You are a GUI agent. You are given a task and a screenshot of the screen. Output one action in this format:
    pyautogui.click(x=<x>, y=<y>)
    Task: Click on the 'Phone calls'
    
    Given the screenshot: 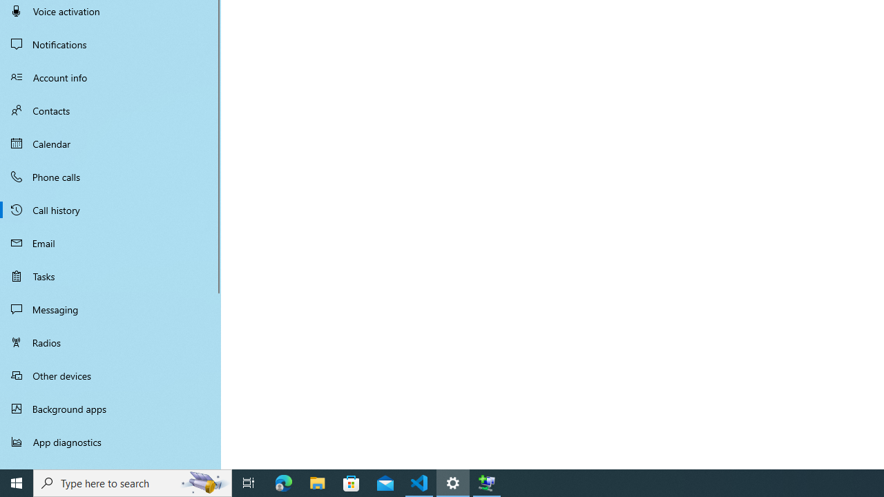 What is the action you would take?
    pyautogui.click(x=110, y=175)
    